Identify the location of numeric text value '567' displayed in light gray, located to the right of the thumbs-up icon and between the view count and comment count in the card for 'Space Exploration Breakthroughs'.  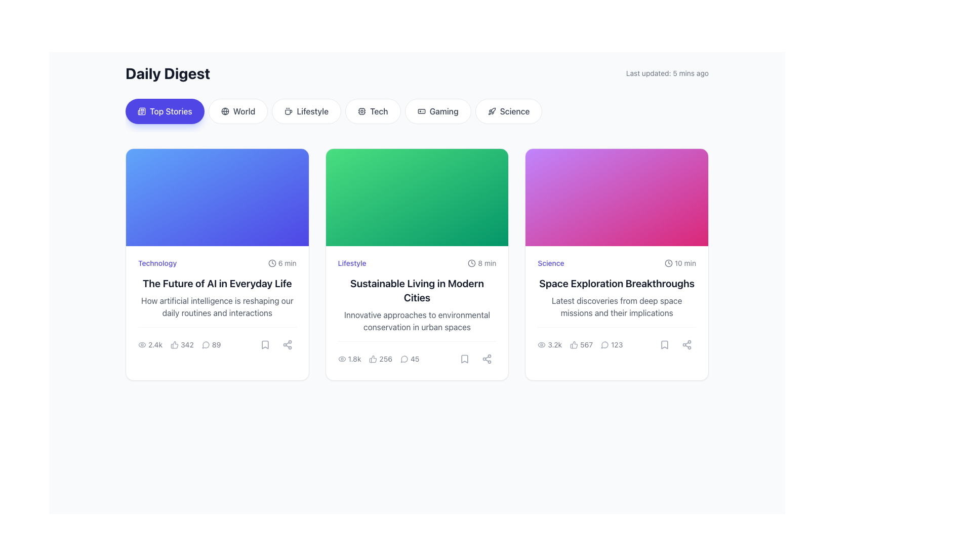
(581, 344).